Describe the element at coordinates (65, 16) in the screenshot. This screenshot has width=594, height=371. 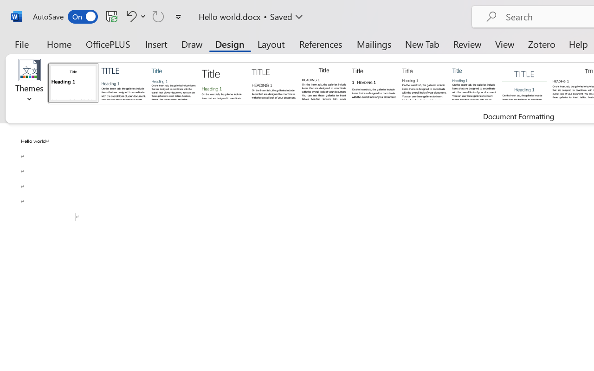
I see `'AutoSave'` at that location.